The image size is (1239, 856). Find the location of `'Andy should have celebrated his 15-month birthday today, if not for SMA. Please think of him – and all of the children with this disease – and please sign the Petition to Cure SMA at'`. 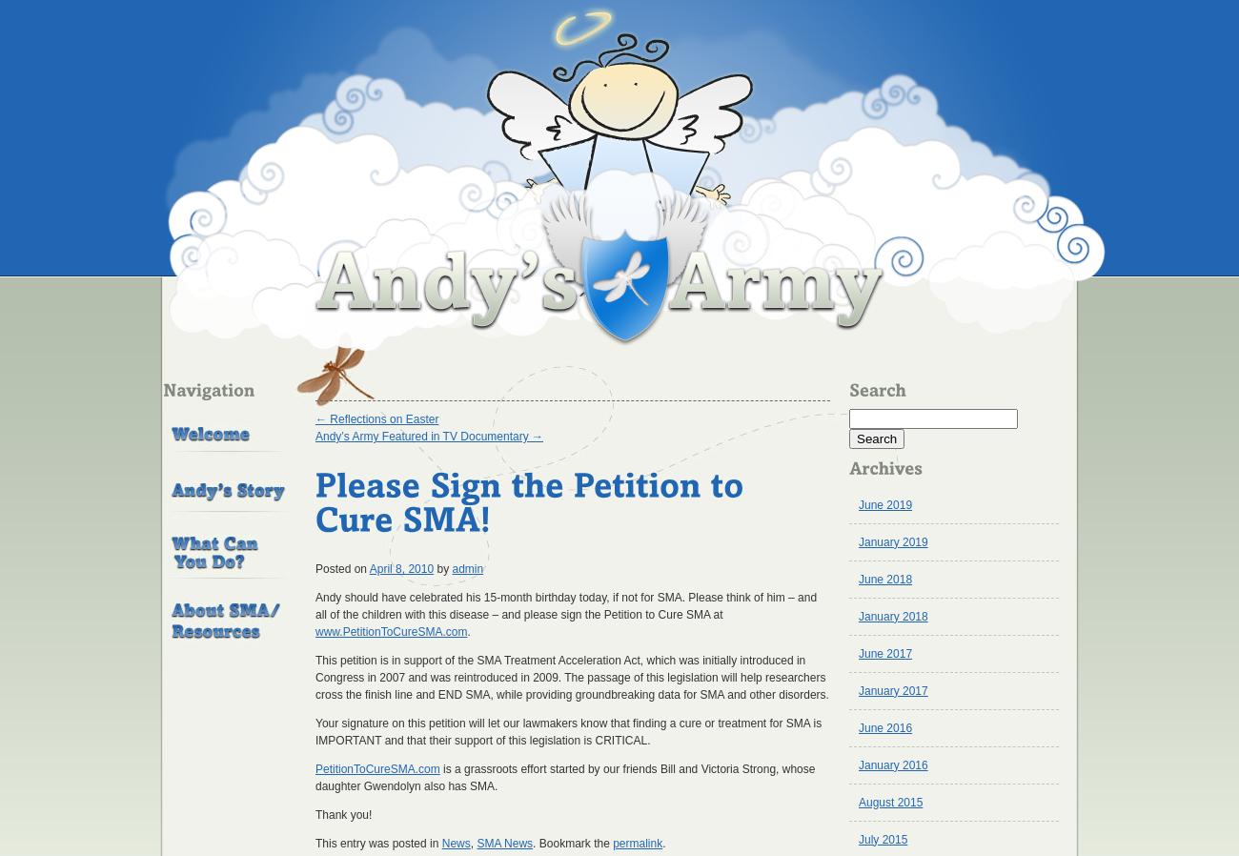

'Andy should have celebrated his 15-month birthday today, if not for SMA. Please think of him – and all of the children with this disease – and please sign the Petition to Cure SMA at' is located at coordinates (564, 604).